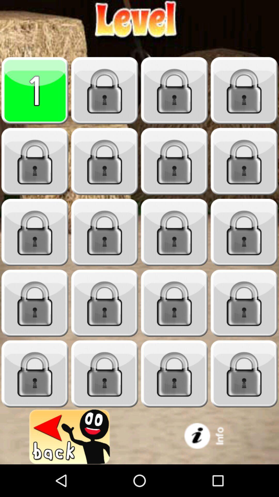 The width and height of the screenshot is (279, 497). What do you see at coordinates (244, 303) in the screenshot?
I see `lock option` at bounding box center [244, 303].